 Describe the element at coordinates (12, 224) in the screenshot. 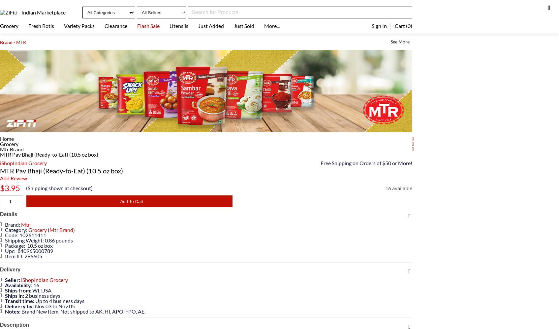

I see `'Brand:'` at that location.